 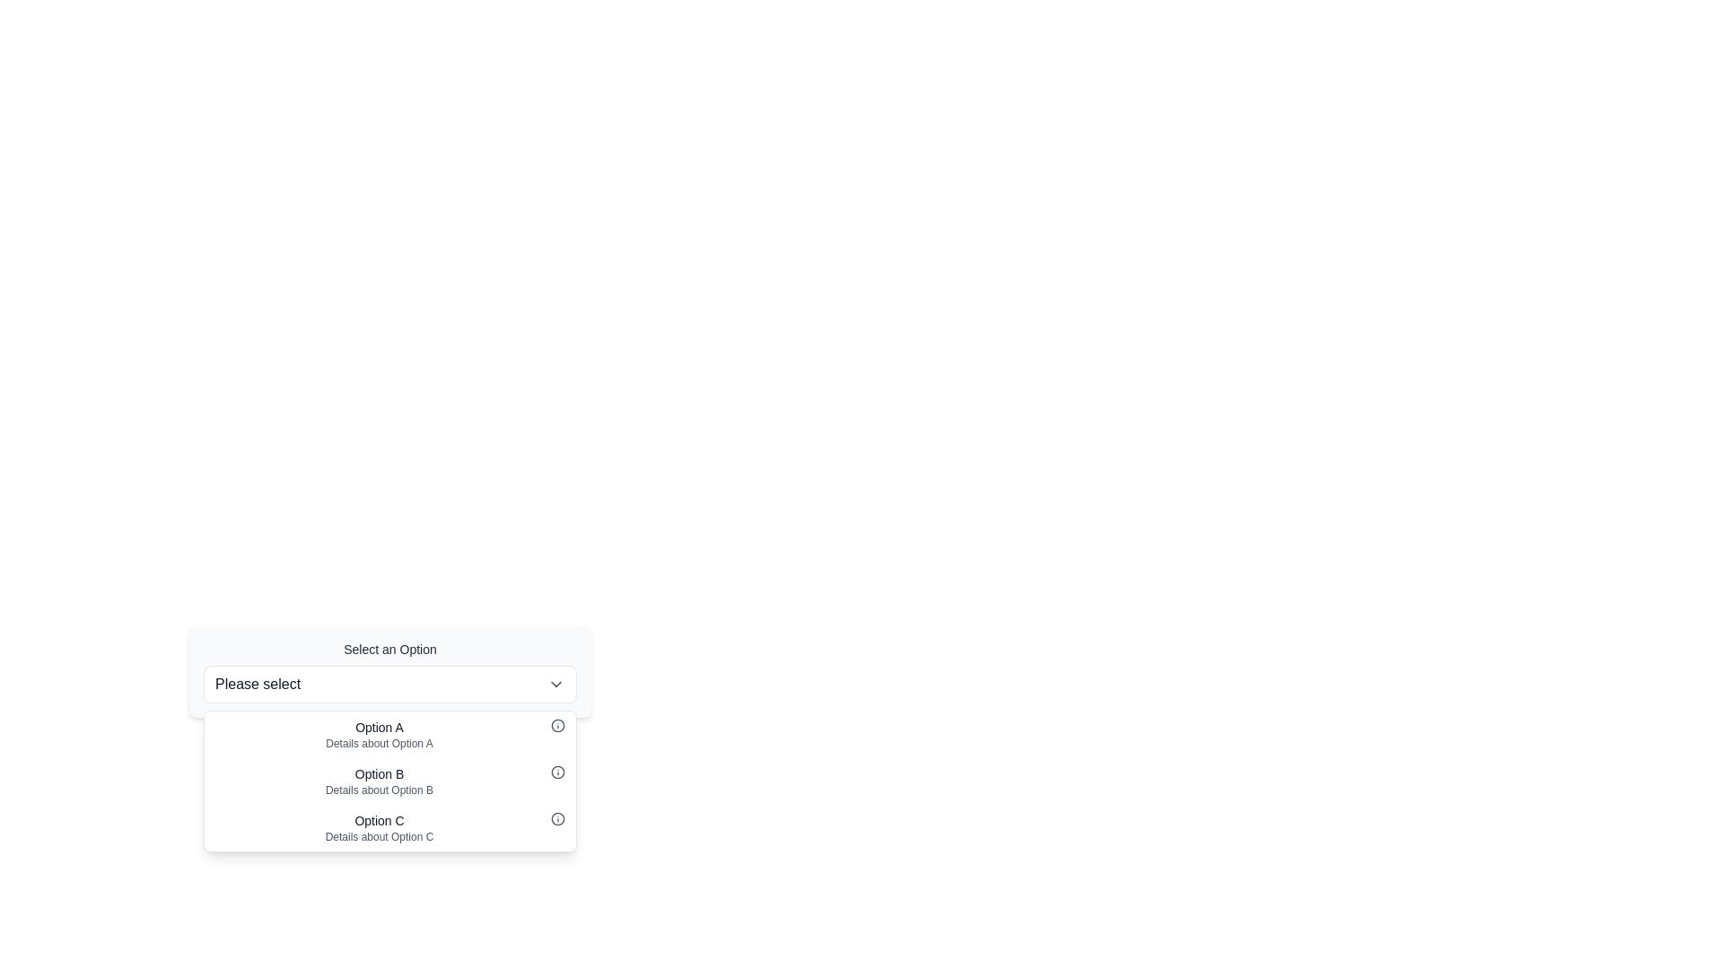 I want to click on the information icon styled with a circular outline and a small 'i' in the center, located to the right of the 'Option A' text, so click(x=557, y=725).